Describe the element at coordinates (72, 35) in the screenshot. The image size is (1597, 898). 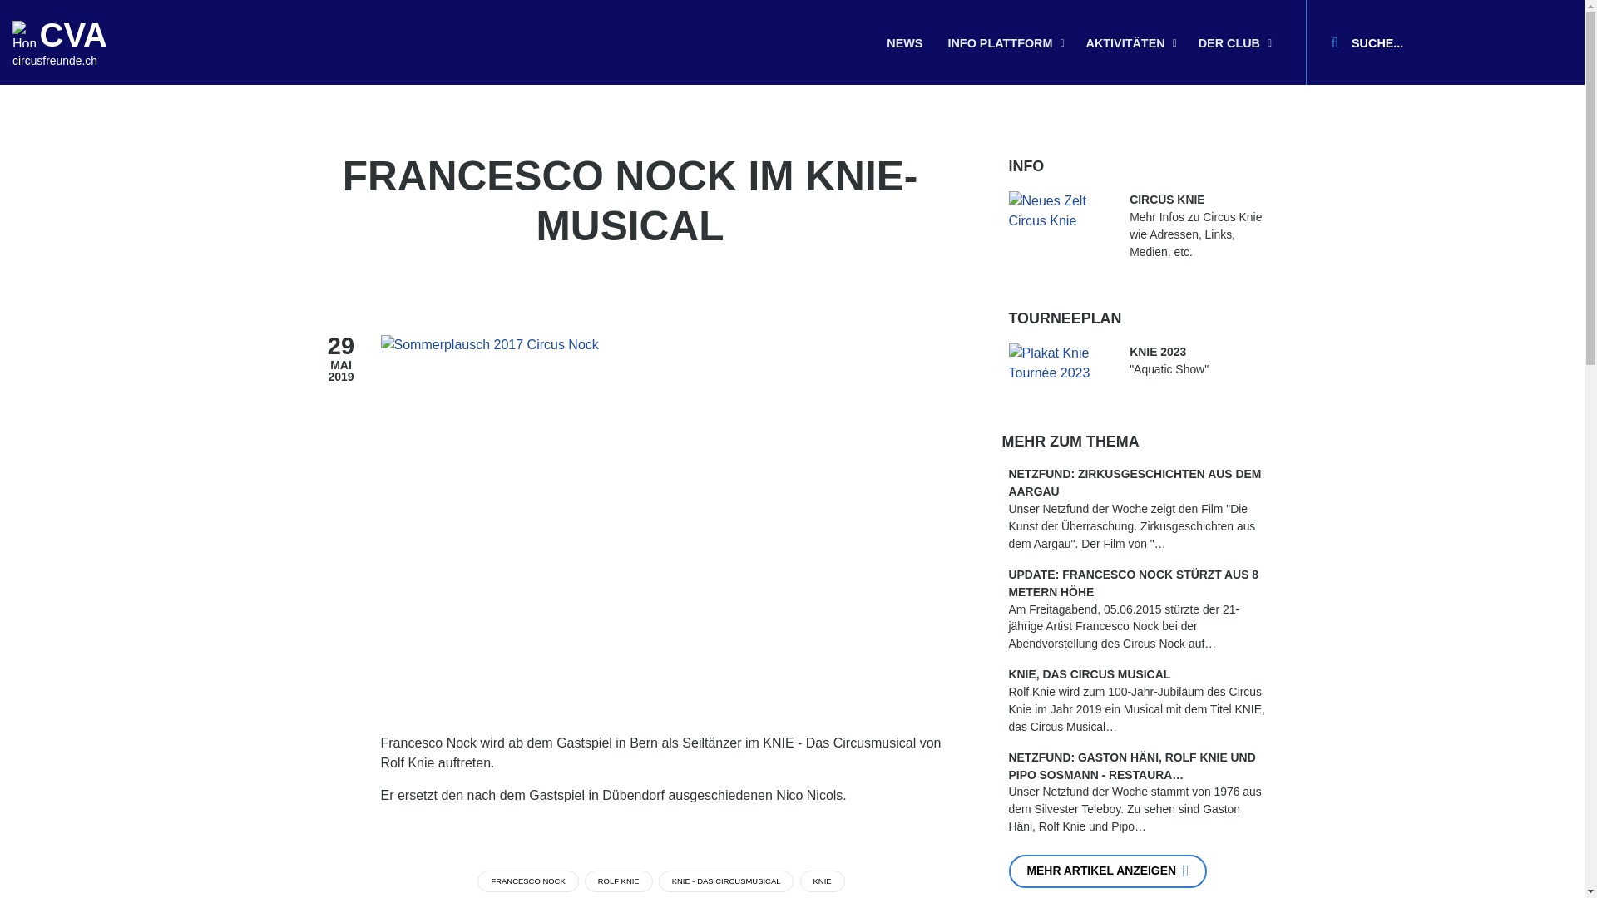
I see `'CVA'` at that location.